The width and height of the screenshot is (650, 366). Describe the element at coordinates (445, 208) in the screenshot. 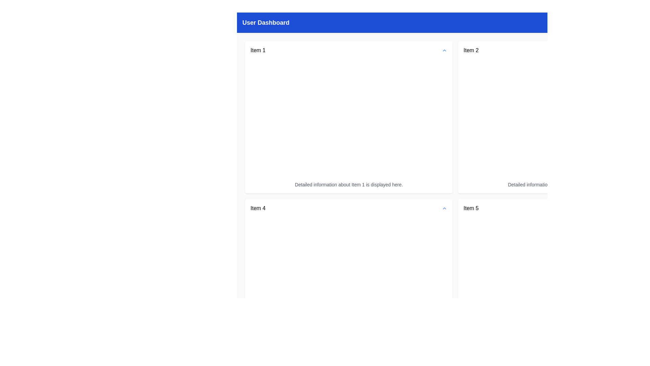

I see `the small triangular blue icon button resembling an upward chevron arrow, located adjacent to the text 'Item 4' on its right side` at that location.